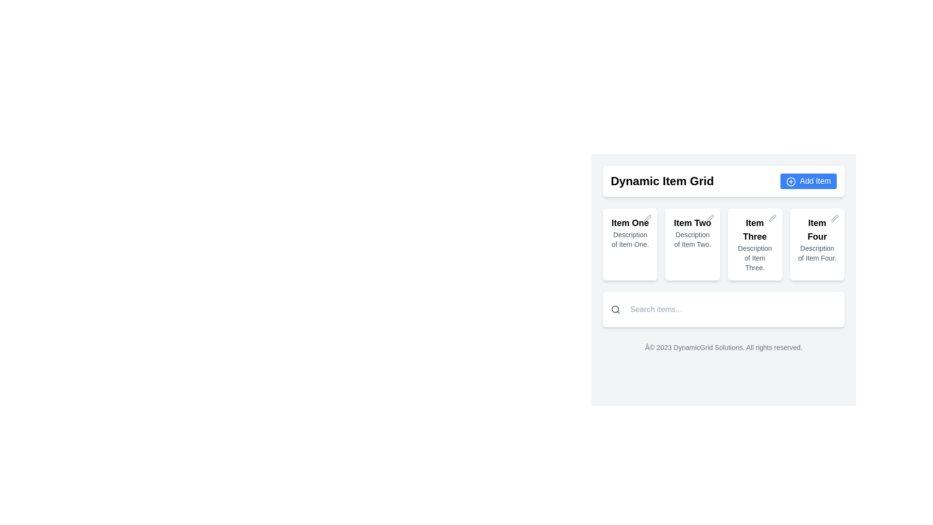  What do you see at coordinates (630, 244) in the screenshot?
I see `contents of the first card in the grid, which displays summarized information about an item and has an interactive edit icon` at bounding box center [630, 244].